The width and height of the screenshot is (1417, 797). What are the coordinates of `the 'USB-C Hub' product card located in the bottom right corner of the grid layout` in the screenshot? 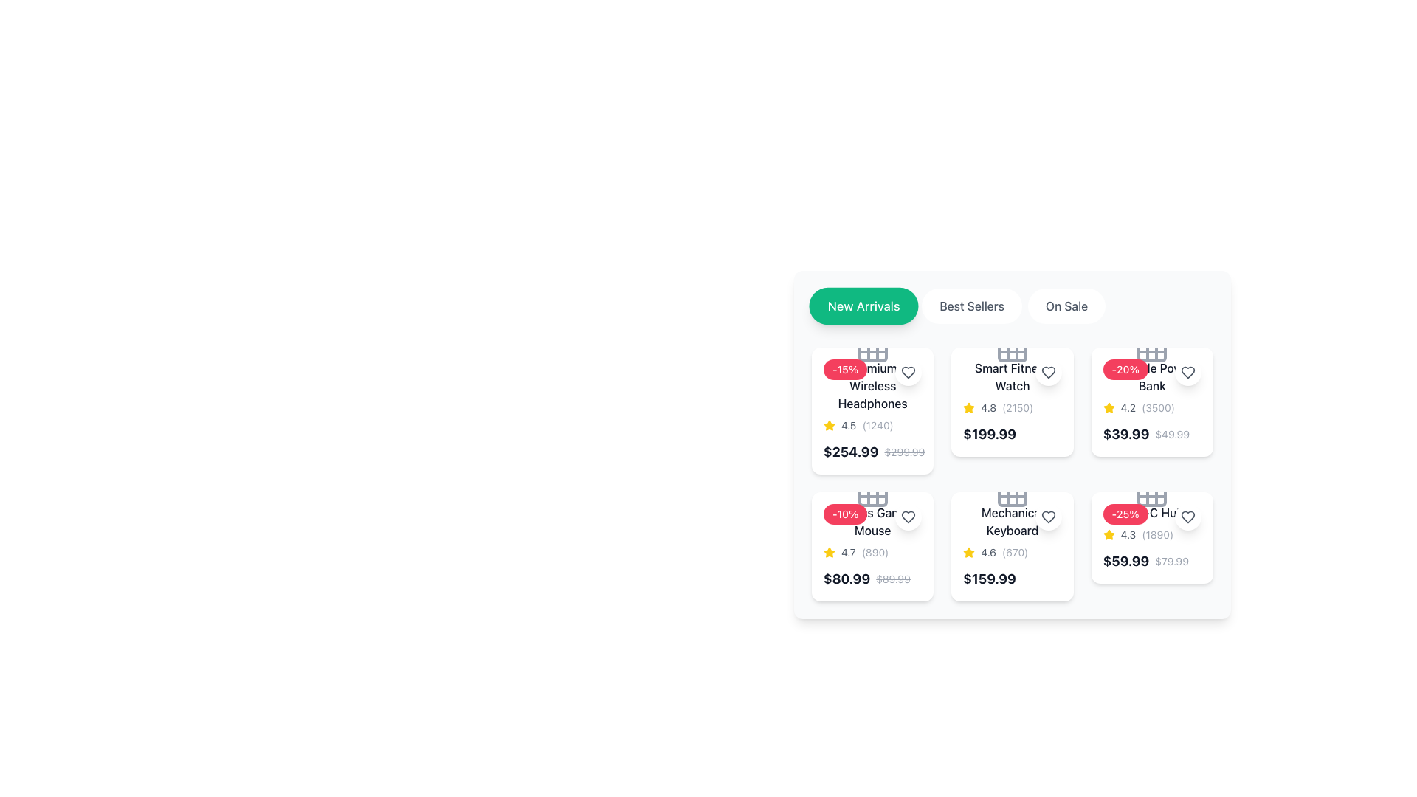 It's located at (1151, 546).